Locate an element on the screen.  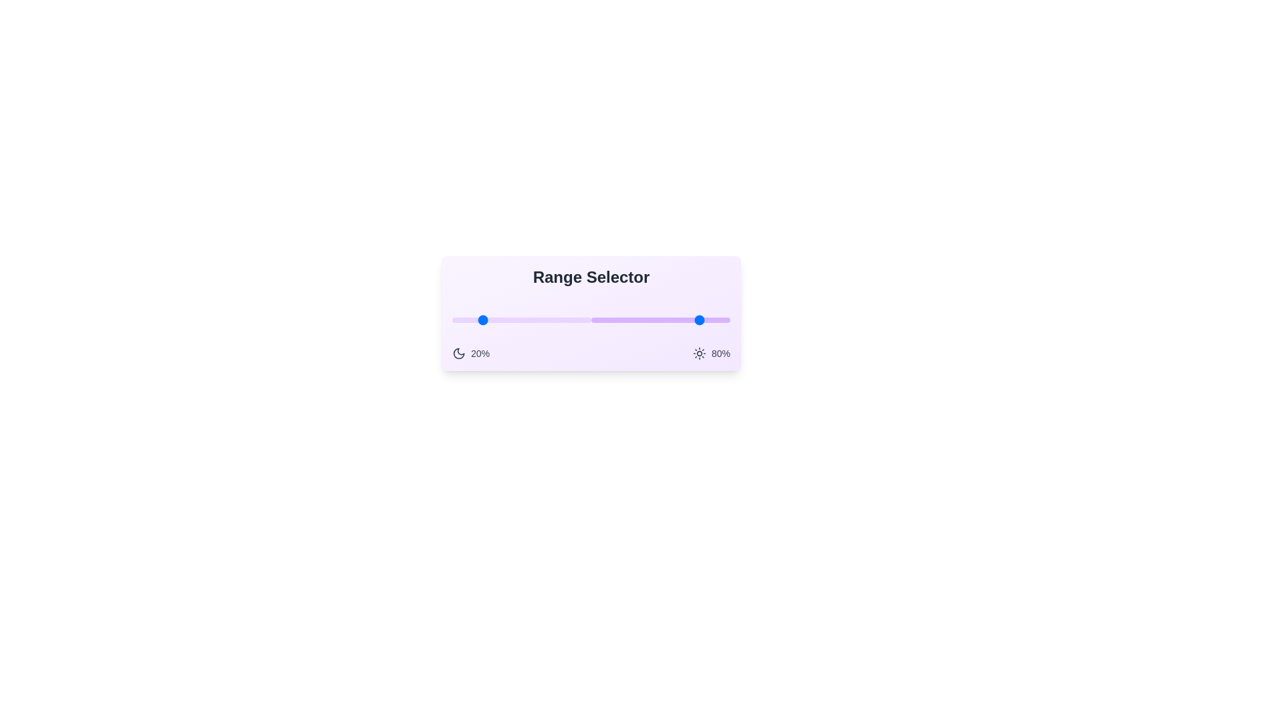
the lower bound of the range to 65% by dragging the left slider is located at coordinates (543, 320).